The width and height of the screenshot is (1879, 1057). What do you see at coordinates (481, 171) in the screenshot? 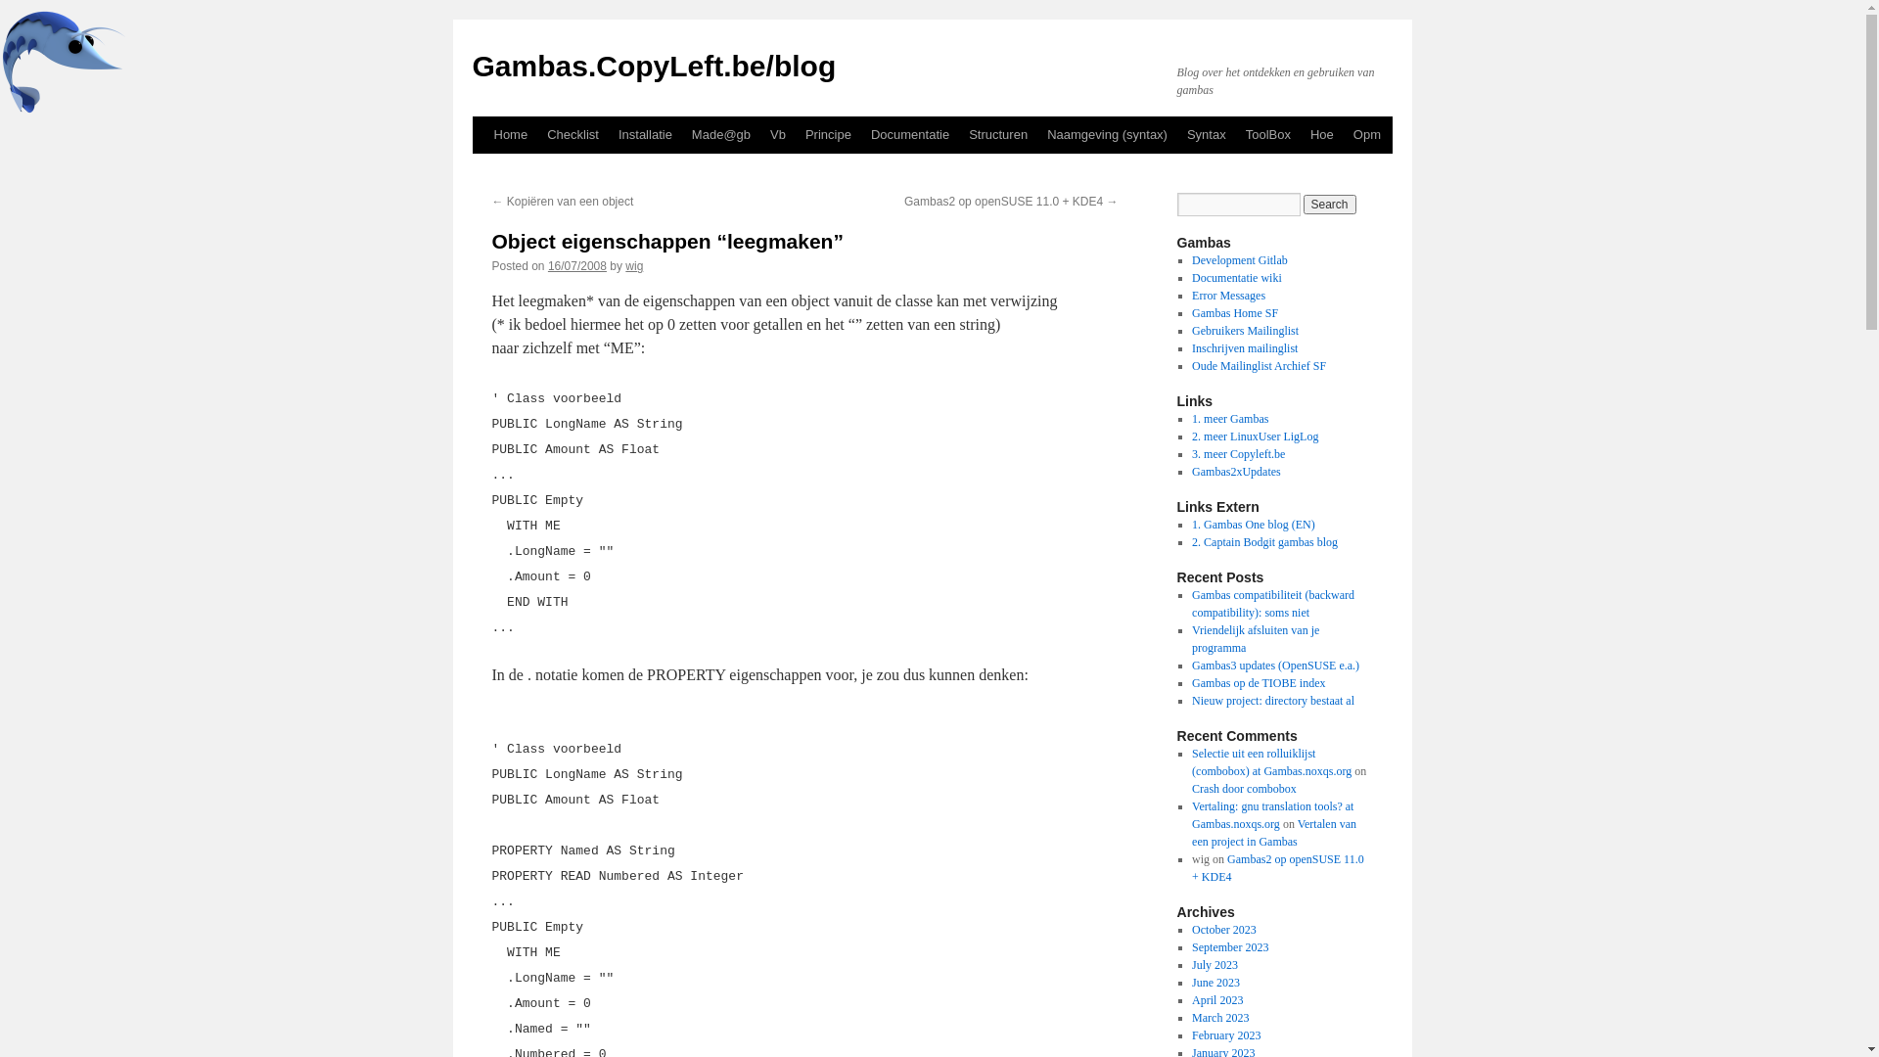
I see `'Skip to content'` at bounding box center [481, 171].